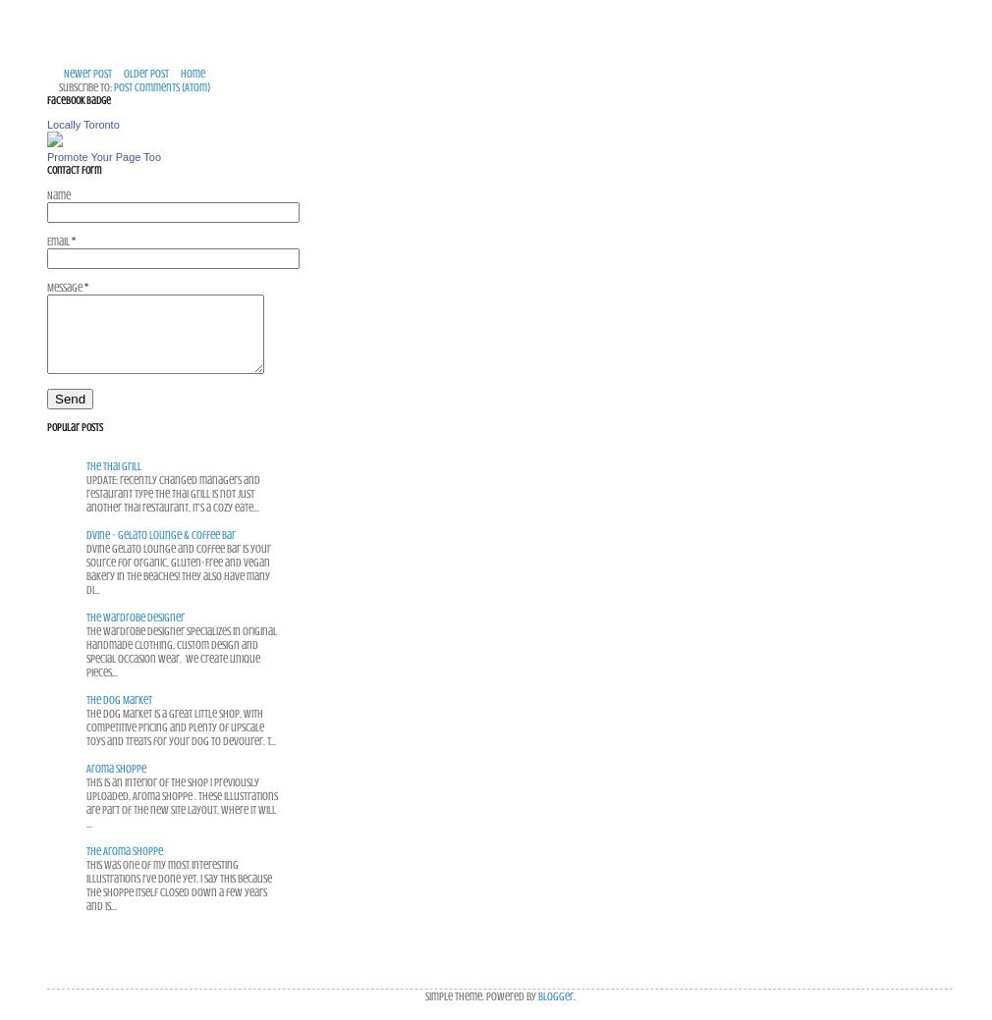 The image size is (992, 1020). I want to click on 'Post Comments (Atom)', so click(161, 85).